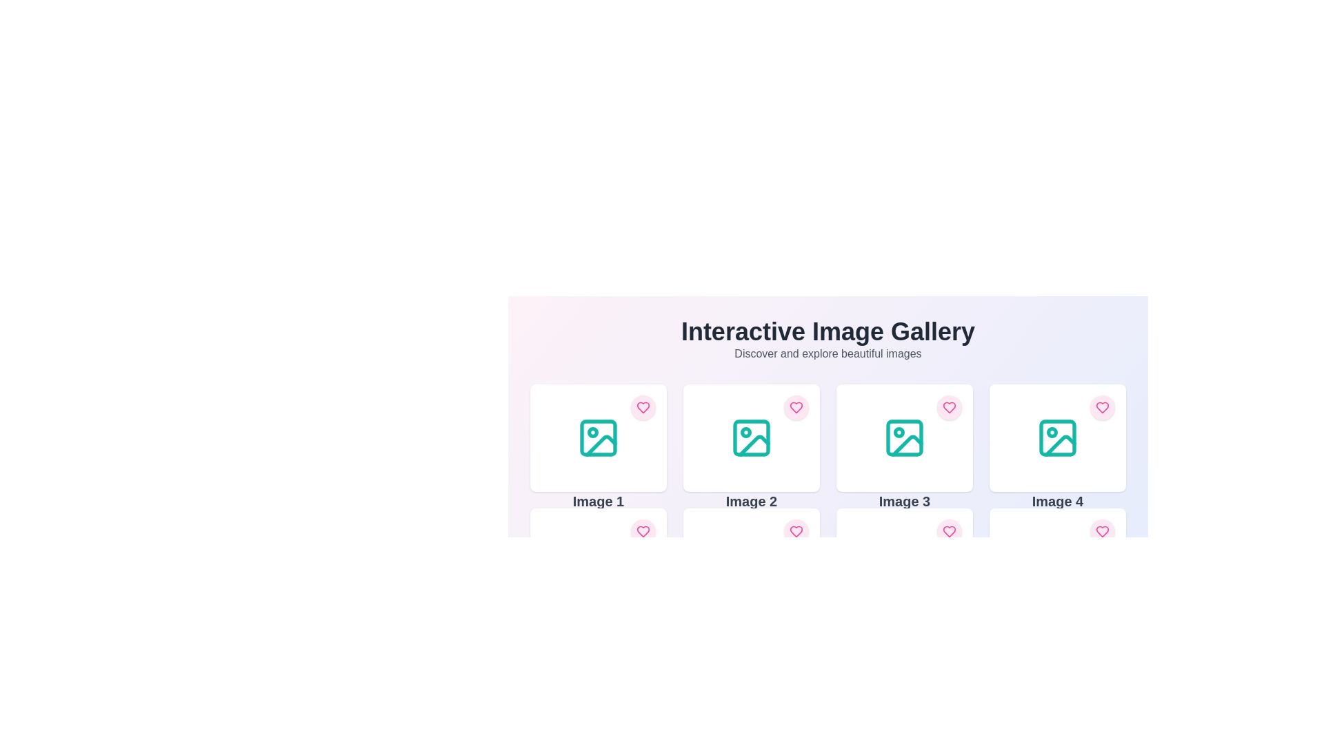 The width and height of the screenshot is (1324, 744). I want to click on the circular pink button with a heart icon located in the top-right corner of the card labeled 'Image 2', so click(796, 406).